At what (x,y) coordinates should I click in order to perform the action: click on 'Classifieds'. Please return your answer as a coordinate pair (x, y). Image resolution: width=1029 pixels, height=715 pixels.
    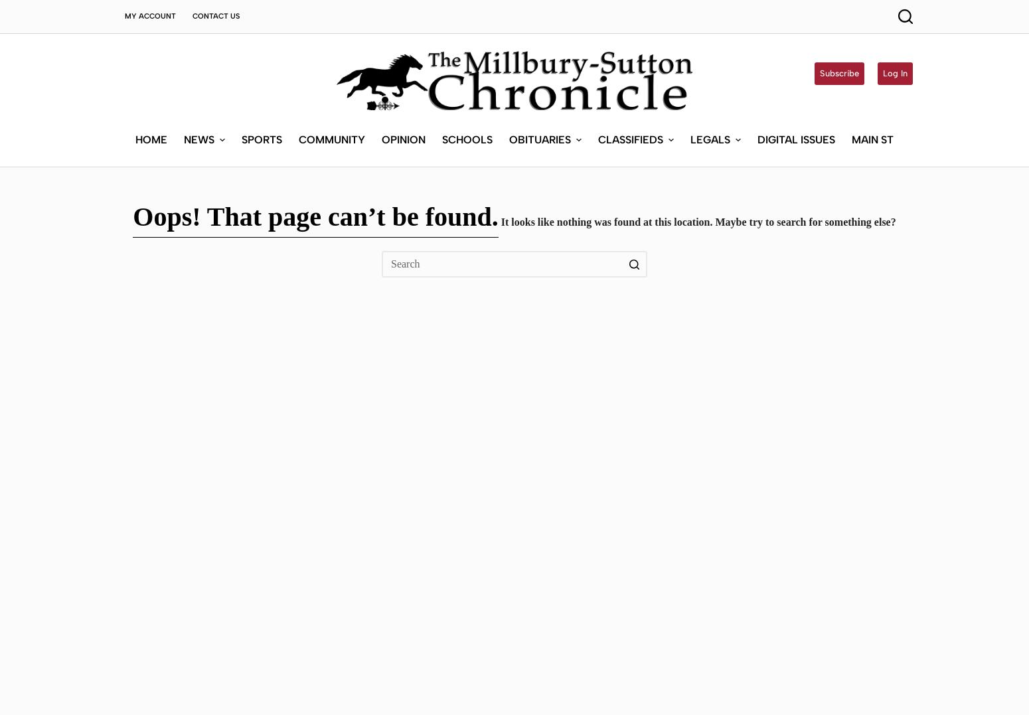
    Looking at the image, I should click on (598, 42).